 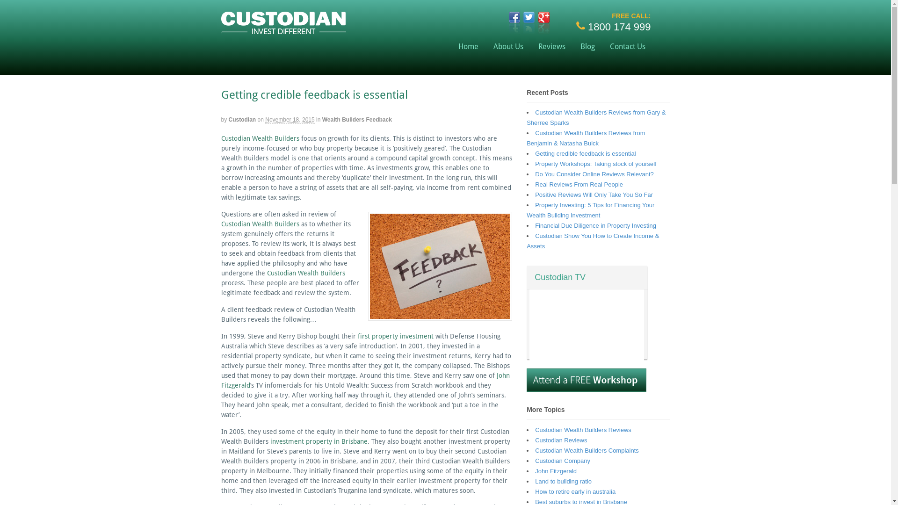 What do you see at coordinates (585, 153) in the screenshot?
I see `'Getting credible feedback is essential'` at bounding box center [585, 153].